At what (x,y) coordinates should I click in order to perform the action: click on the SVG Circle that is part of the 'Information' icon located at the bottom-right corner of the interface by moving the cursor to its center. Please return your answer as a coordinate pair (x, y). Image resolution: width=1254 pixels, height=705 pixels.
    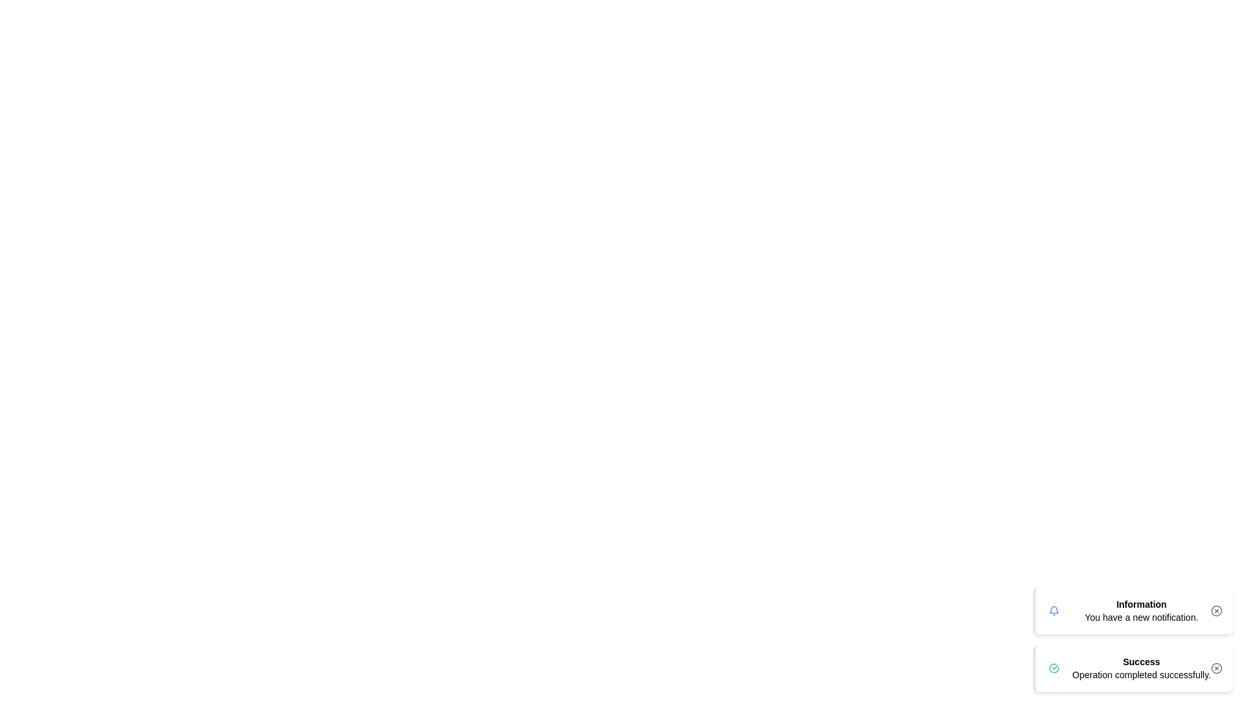
    Looking at the image, I should click on (1215, 611).